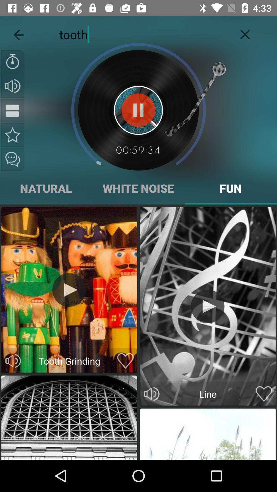 This screenshot has width=277, height=492. What do you see at coordinates (12, 86) in the screenshot?
I see `volumen option` at bounding box center [12, 86].